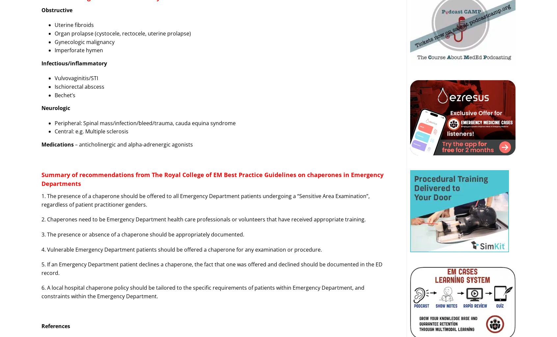 This screenshot has height=337, width=557. Describe the element at coordinates (41, 249) in the screenshot. I see `'4. Vulnerable Emergency Department patients should be offered a chaperone for any examination or procedure.'` at that location.